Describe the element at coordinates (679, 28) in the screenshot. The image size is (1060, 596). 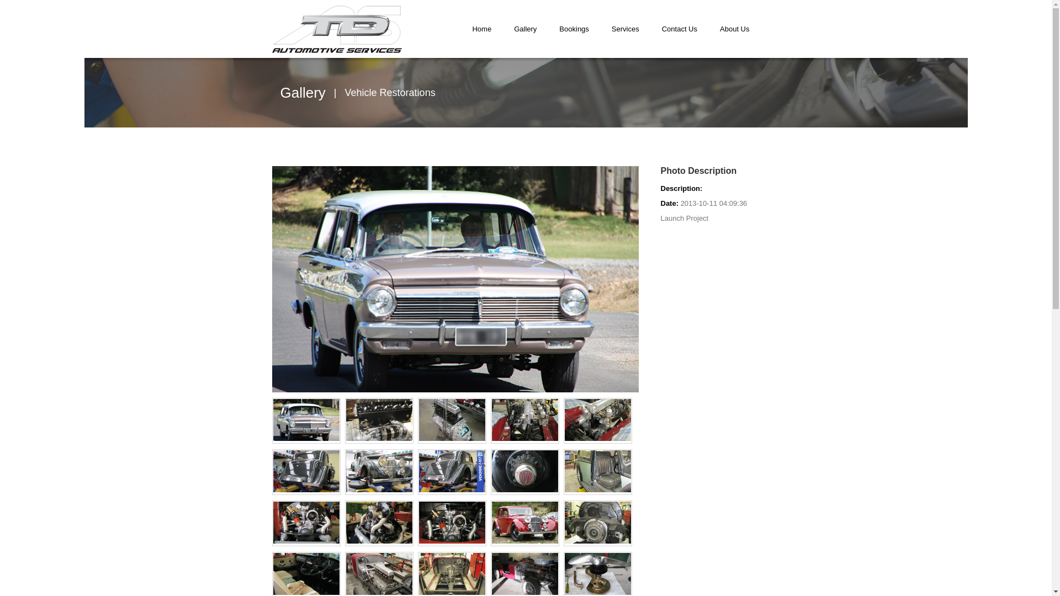
I see `'Contact Us'` at that location.